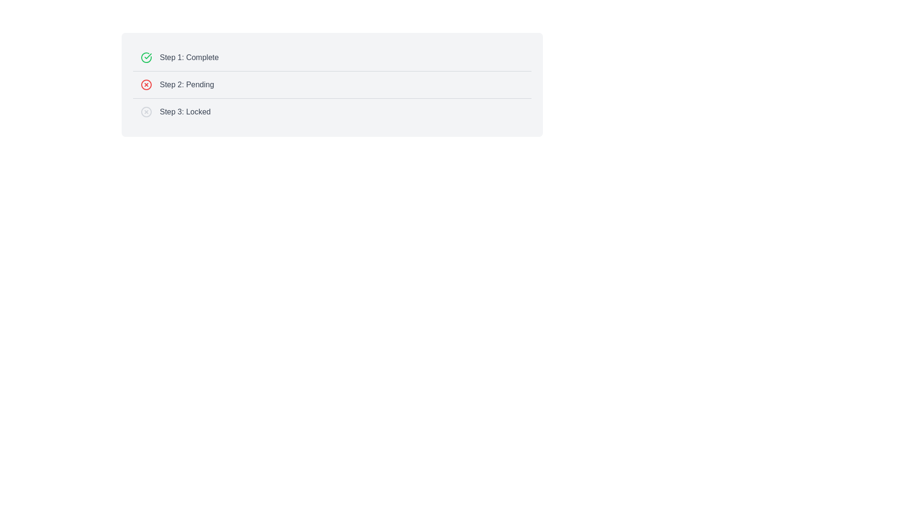 Image resolution: width=916 pixels, height=515 pixels. What do you see at coordinates (185, 112) in the screenshot?
I see `text from the third step in the status sequence, which indicates it is locked or unavailable for action` at bounding box center [185, 112].